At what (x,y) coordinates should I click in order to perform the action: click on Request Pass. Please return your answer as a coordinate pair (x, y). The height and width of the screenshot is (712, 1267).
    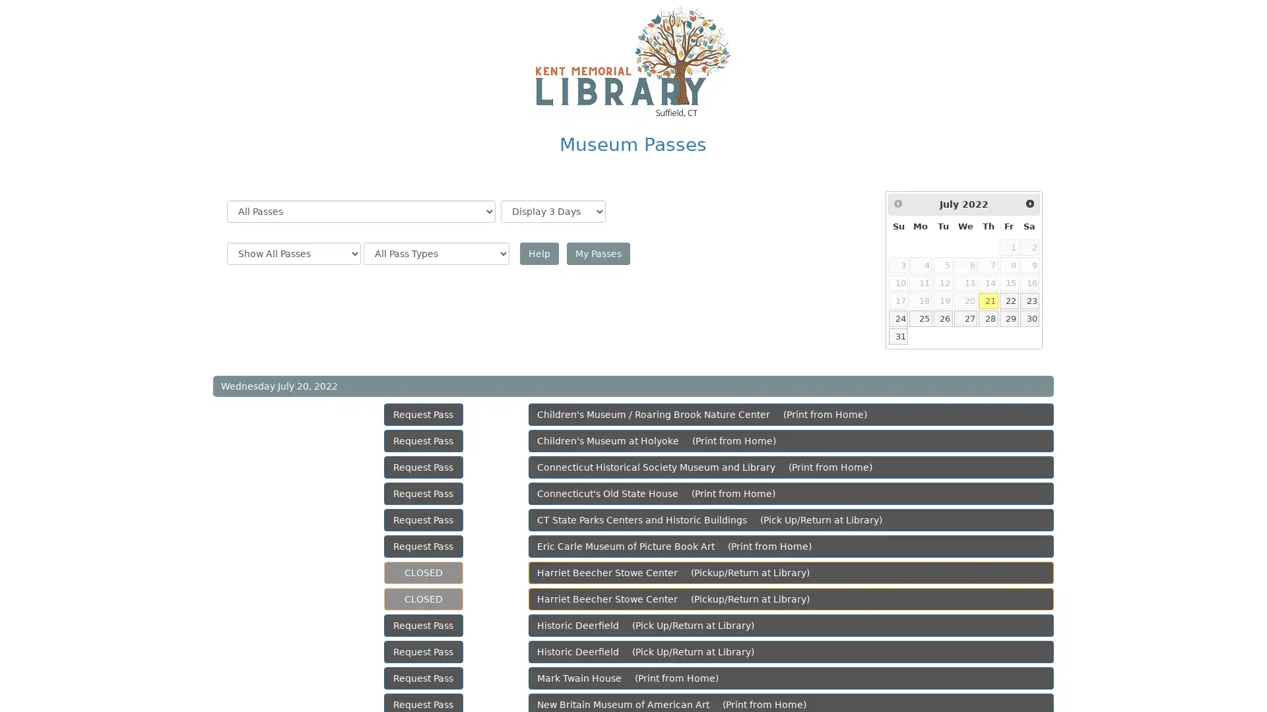
    Looking at the image, I should click on (423, 519).